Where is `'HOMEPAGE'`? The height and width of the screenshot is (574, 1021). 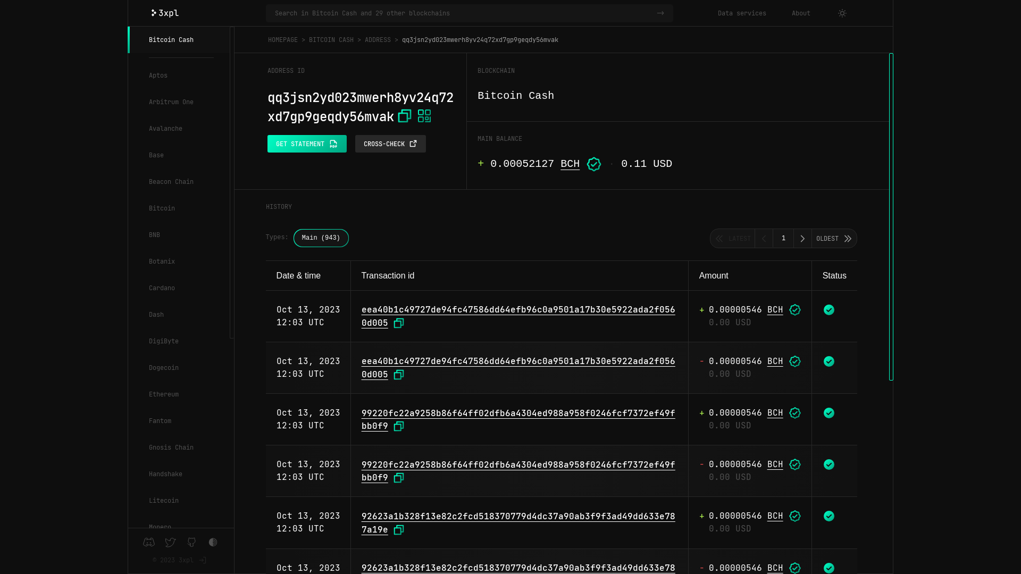 'HOMEPAGE' is located at coordinates (283, 39).